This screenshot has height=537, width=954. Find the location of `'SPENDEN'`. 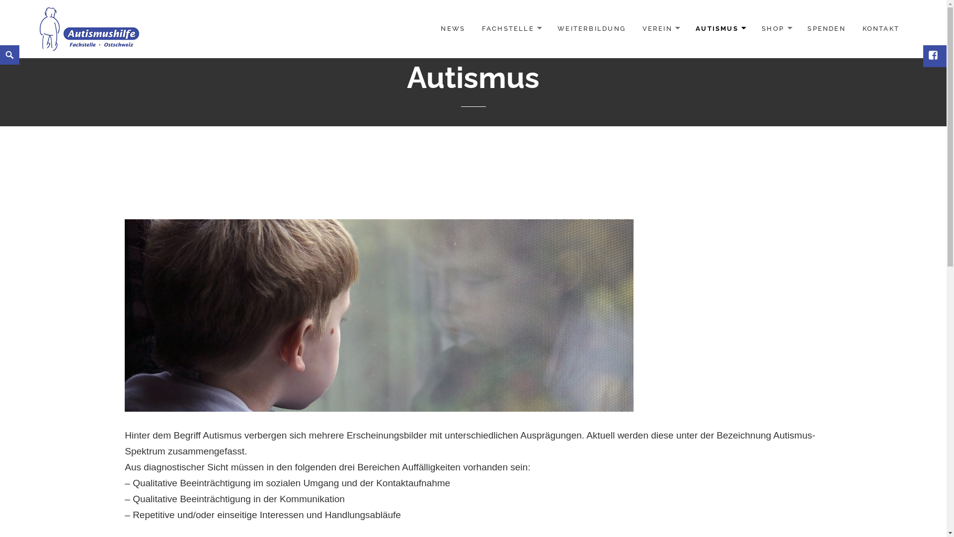

'SPENDEN' is located at coordinates (826, 28).